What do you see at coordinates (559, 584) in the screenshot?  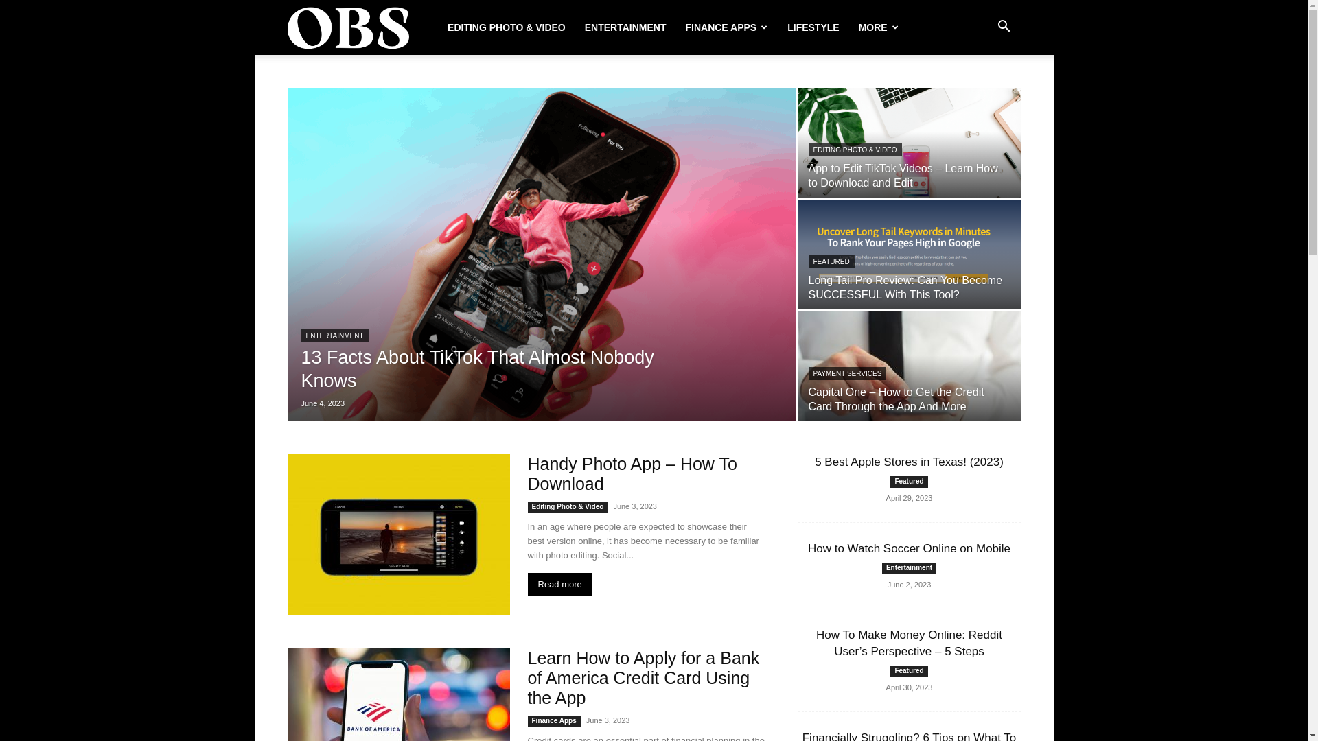 I see `'Read more'` at bounding box center [559, 584].